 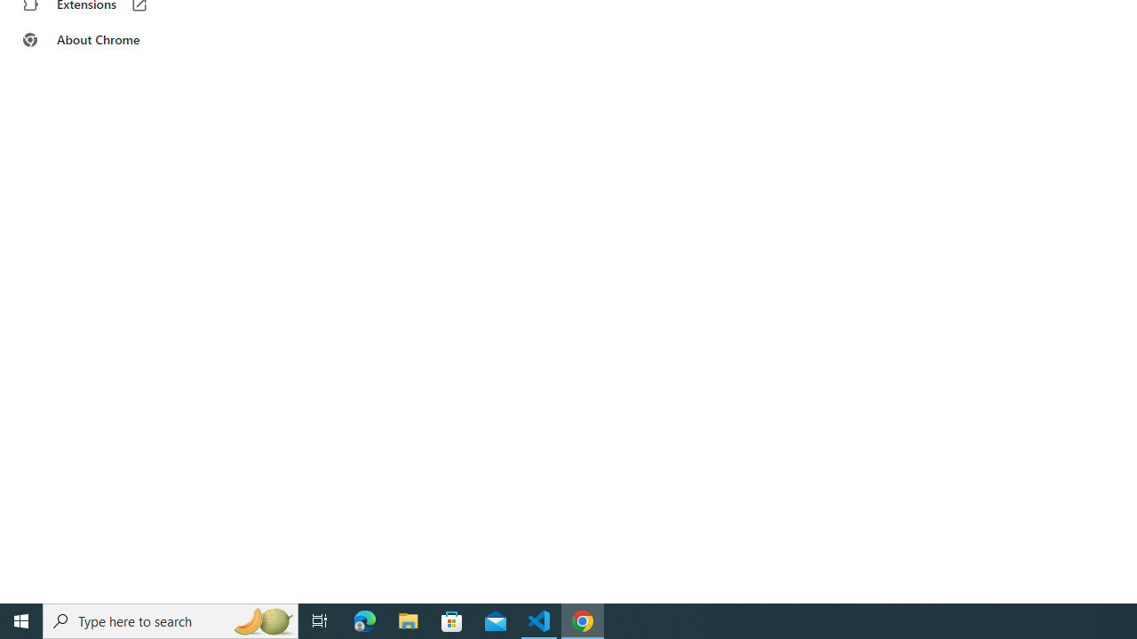 What do you see at coordinates (319, 619) in the screenshot?
I see `'Task View'` at bounding box center [319, 619].